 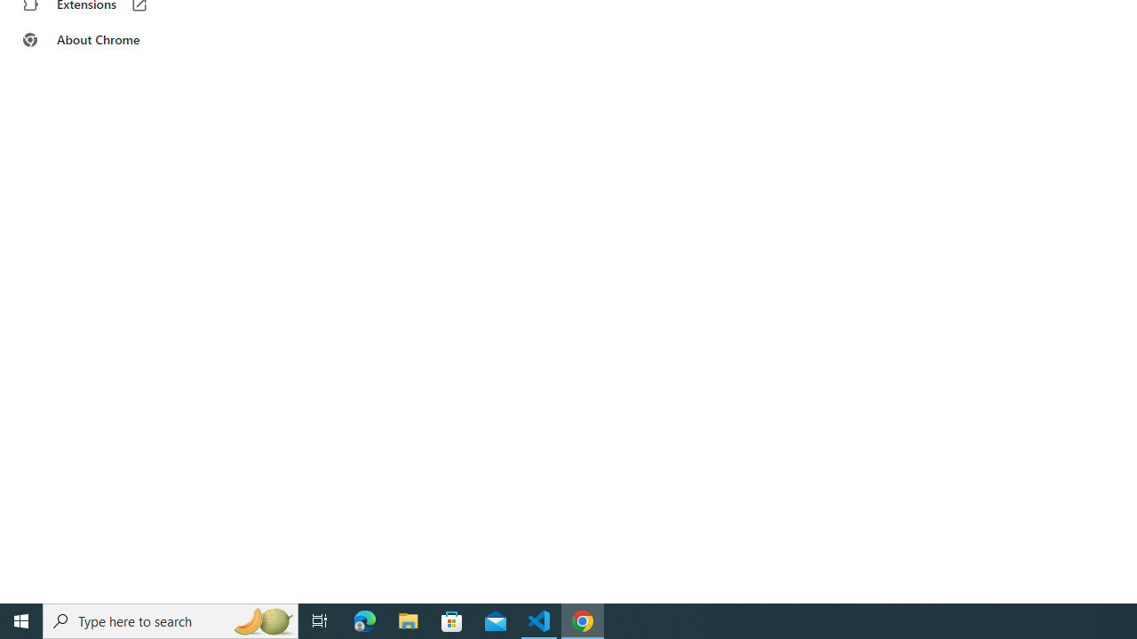 What do you see at coordinates (319, 619) in the screenshot?
I see `'Task View'` at bounding box center [319, 619].